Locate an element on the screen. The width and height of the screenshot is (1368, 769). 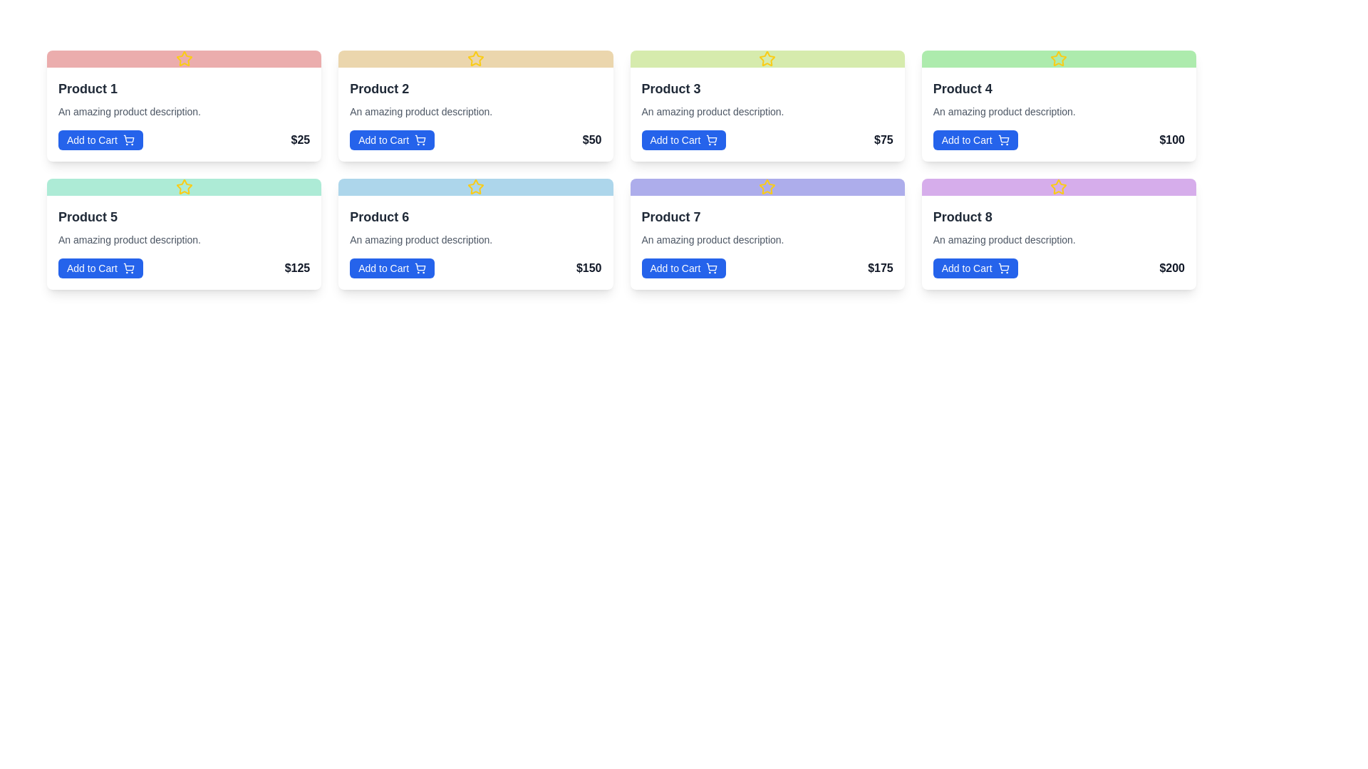
the star icon located in the center top of the light green header section of the third product card to interact with it is located at coordinates (767, 58).